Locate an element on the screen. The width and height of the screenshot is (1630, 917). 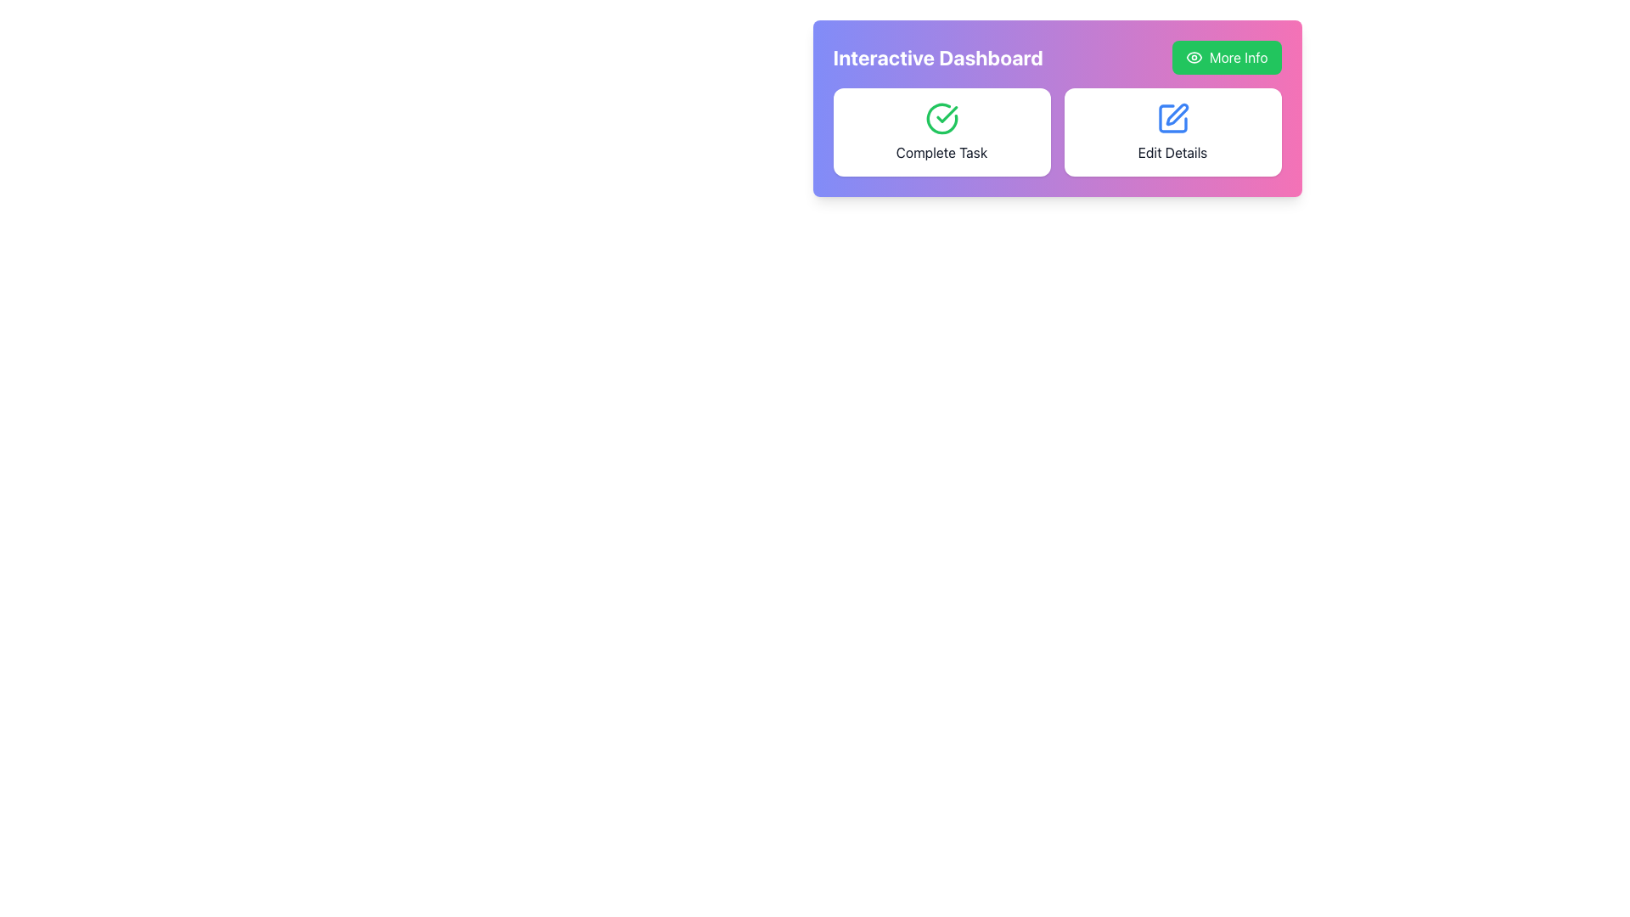
the edit icon located in the top-right area of the layout, within the 'Edit Details' card, above the text 'Edit Details' and to the right of the 'Complete Task' card is located at coordinates (1172, 117).